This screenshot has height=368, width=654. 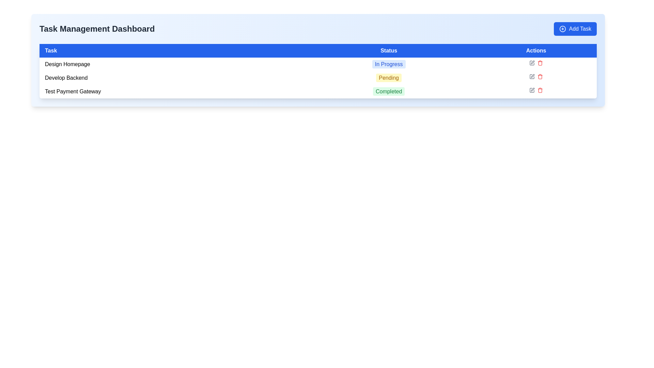 What do you see at coordinates (536, 50) in the screenshot?
I see `title of the 'Actions' text label located in the rightmost position of the table header, which is part of a grouped header row containing 'Task,' 'Status,' and 'Actions.'` at bounding box center [536, 50].